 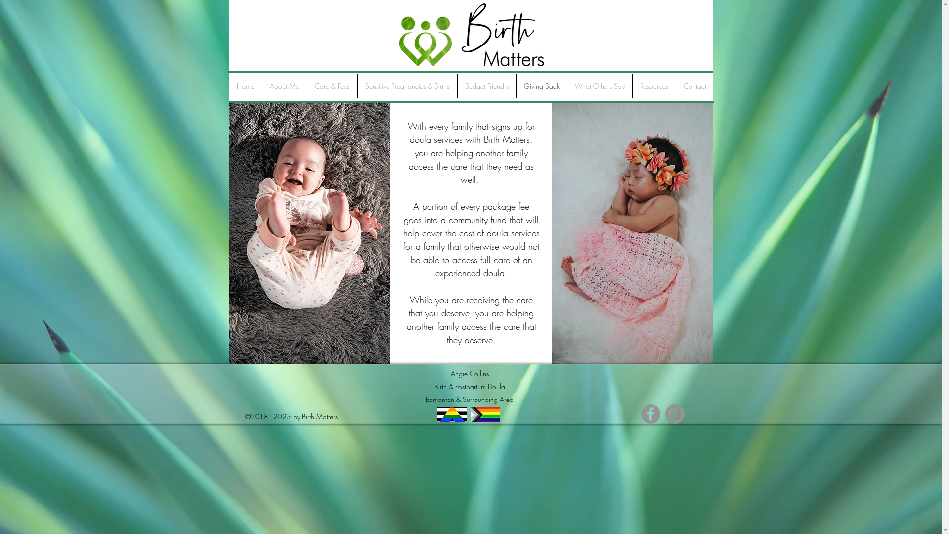 I want to click on 'Budget Friendly', so click(x=457, y=85).